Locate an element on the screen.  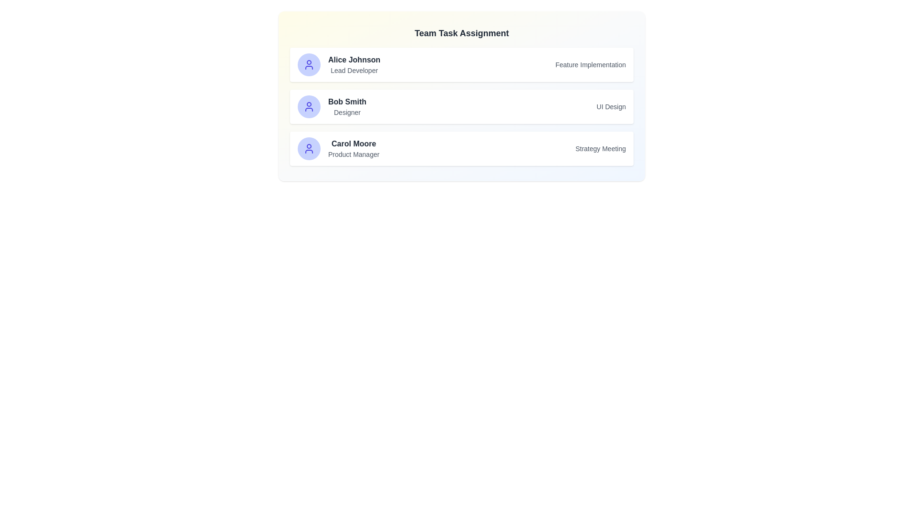
text label displaying the name 'Alice Johnson', which is a bold, dark gray text positioned at the top left of a list item entry in the team task assignment UI is located at coordinates (354, 60).